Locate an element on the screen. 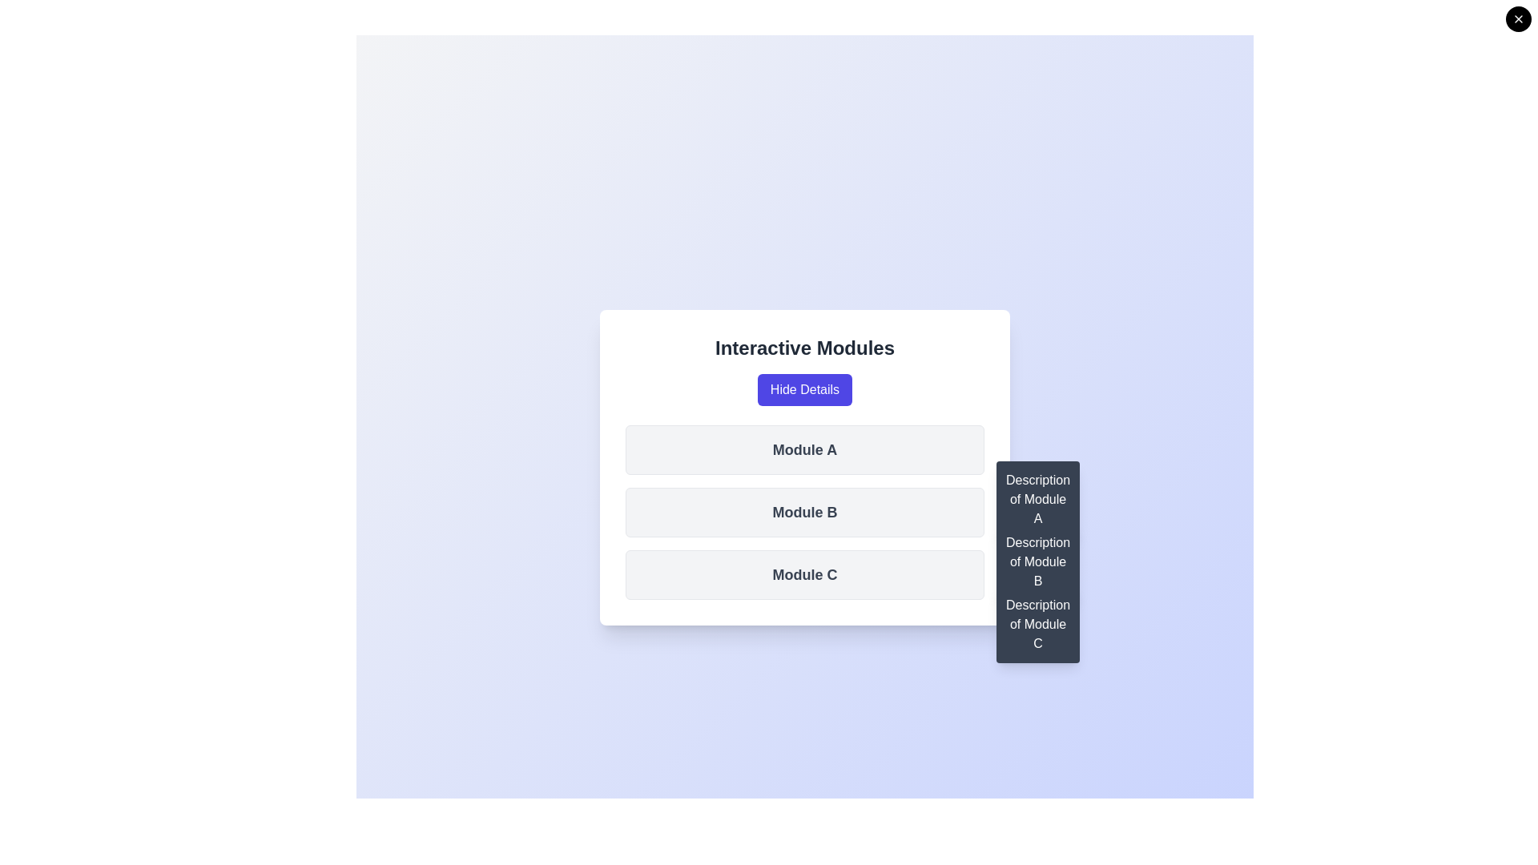 The width and height of the screenshot is (1538, 865). the vertical arrangement of three modules labeled 'Module A', 'Module B', and 'Module C' that are enclosed in a light gray box with rounded corners, located in the middle section of a white card below the 'Hide Details' button is located at coordinates (804, 513).